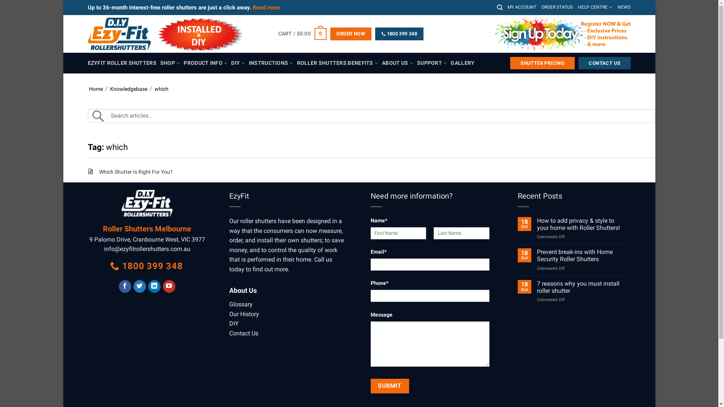 The width and height of the screenshot is (724, 407). Describe the element at coordinates (169, 286) in the screenshot. I see `'Follow on YouTube'` at that location.